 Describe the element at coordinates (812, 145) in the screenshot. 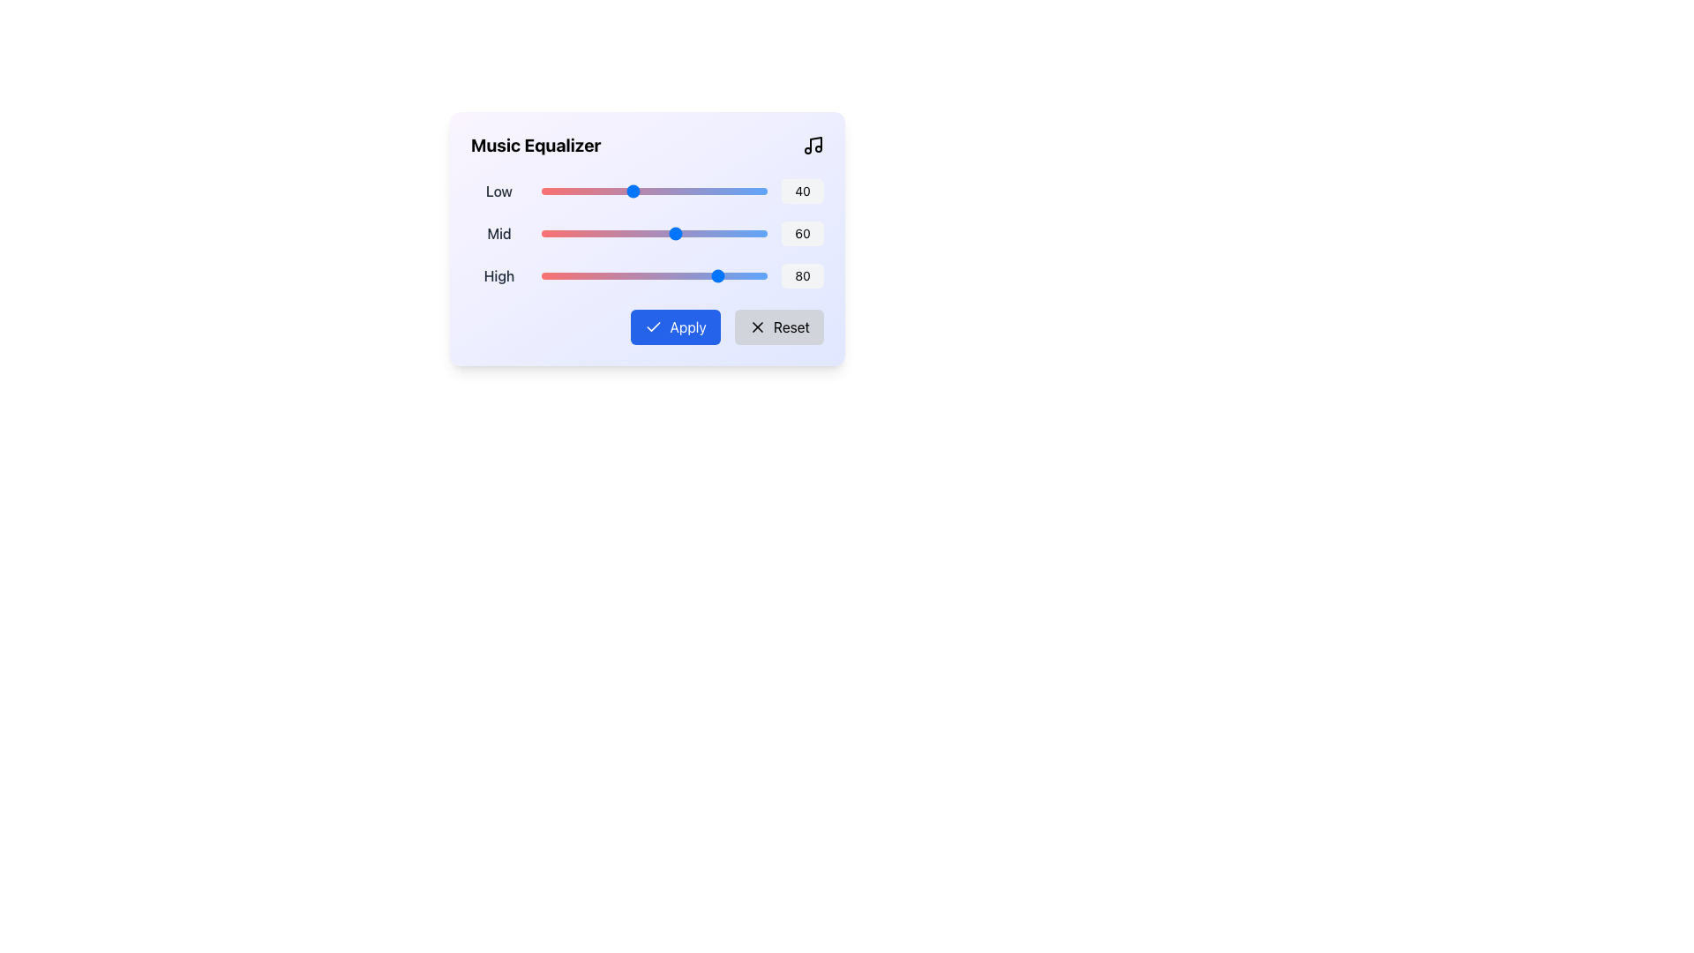

I see `the music icon that symbolizes sound settings, positioned to the right of the 'Music Equalizer' label` at that location.